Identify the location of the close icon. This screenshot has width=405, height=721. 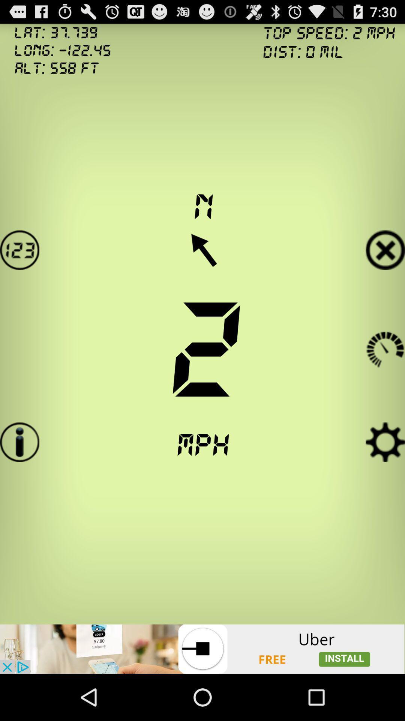
(385, 267).